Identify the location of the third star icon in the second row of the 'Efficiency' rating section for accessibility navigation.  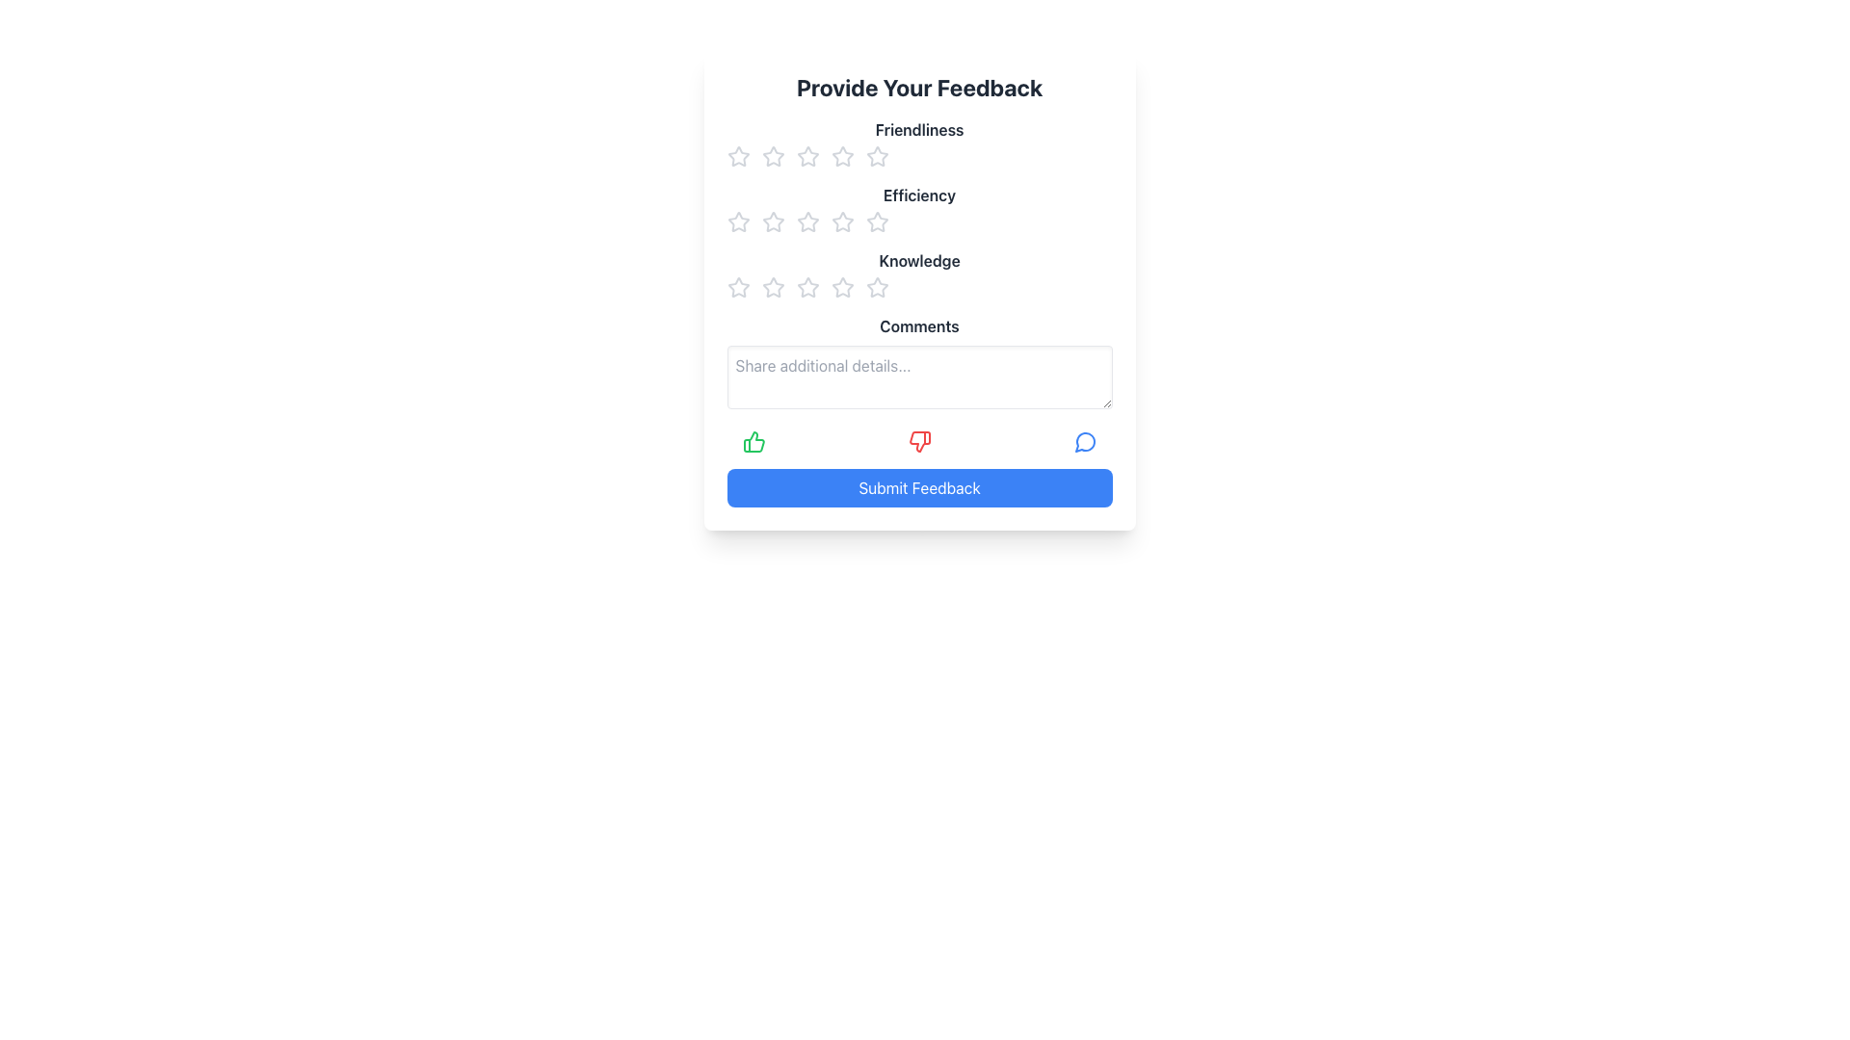
(773, 221).